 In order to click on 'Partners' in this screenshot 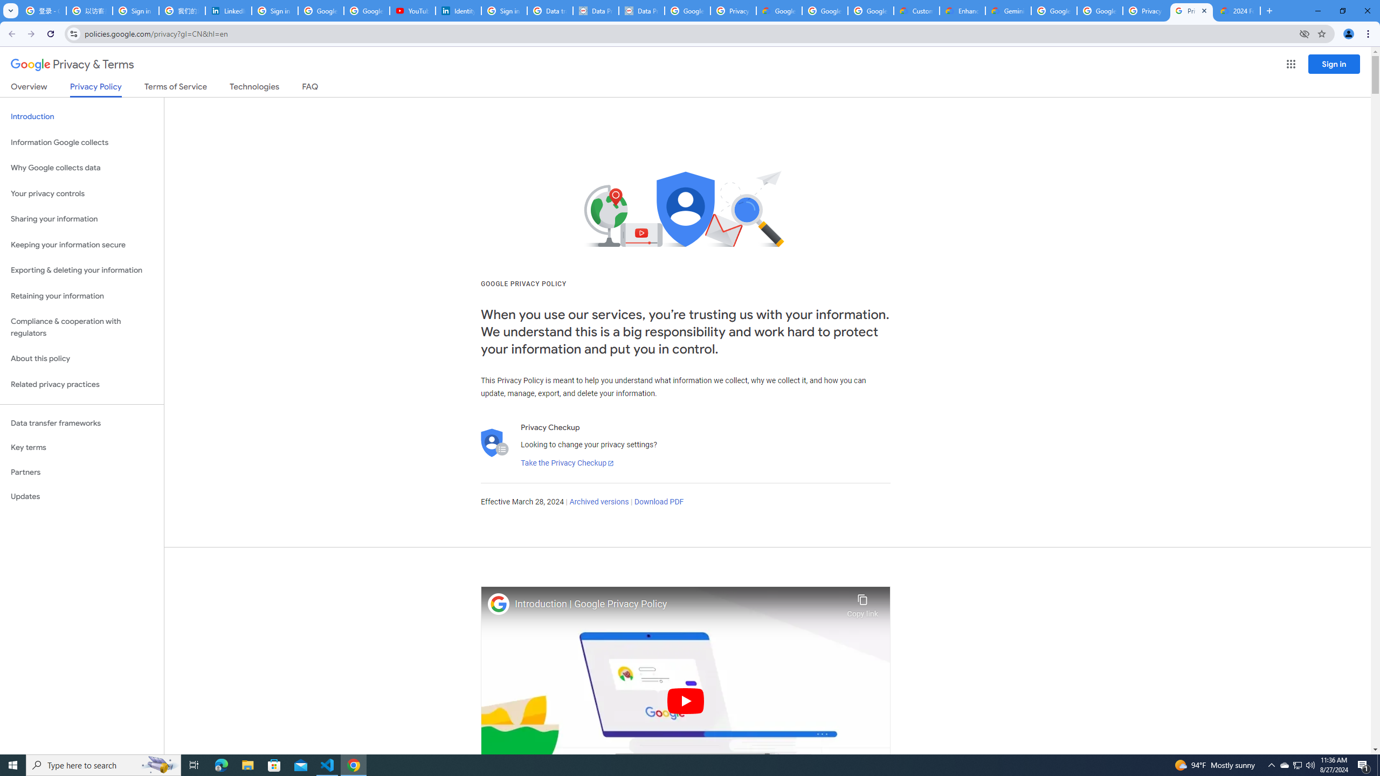, I will do `click(81, 472)`.